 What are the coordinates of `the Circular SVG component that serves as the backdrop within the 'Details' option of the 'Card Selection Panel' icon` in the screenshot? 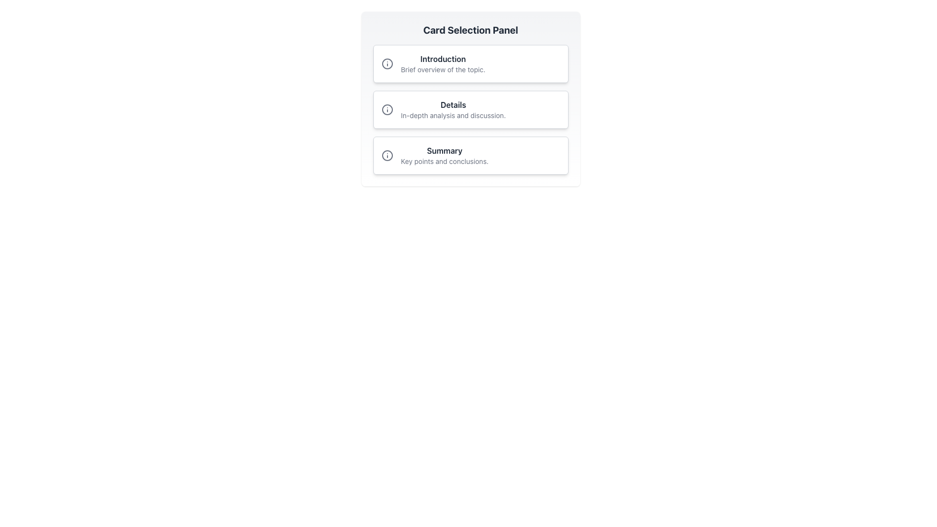 It's located at (387, 109).